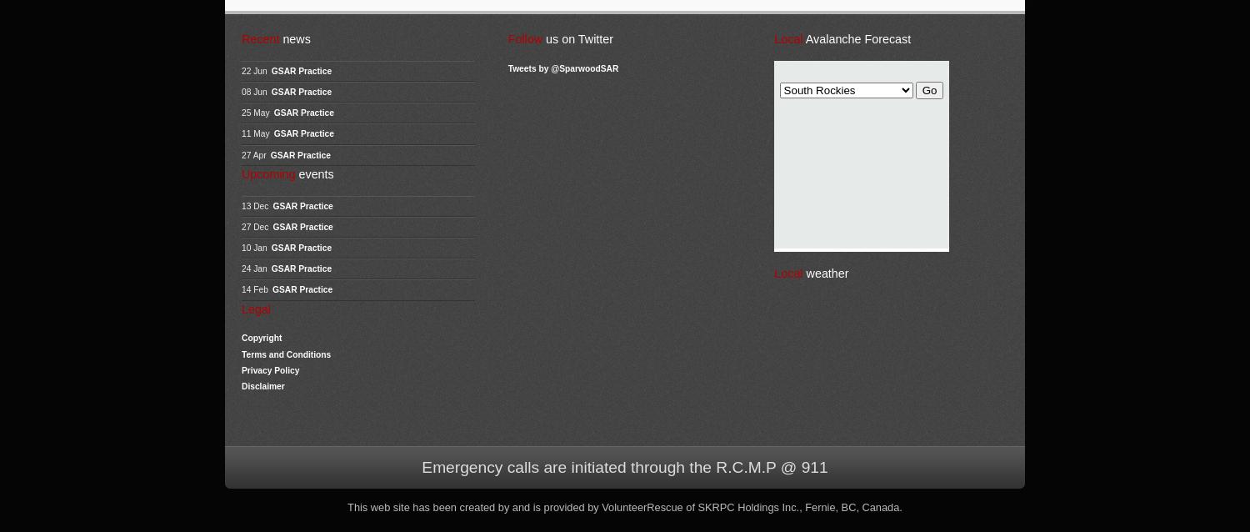 The height and width of the screenshot is (532, 1250). What do you see at coordinates (255, 113) in the screenshot?
I see `'25 May'` at bounding box center [255, 113].